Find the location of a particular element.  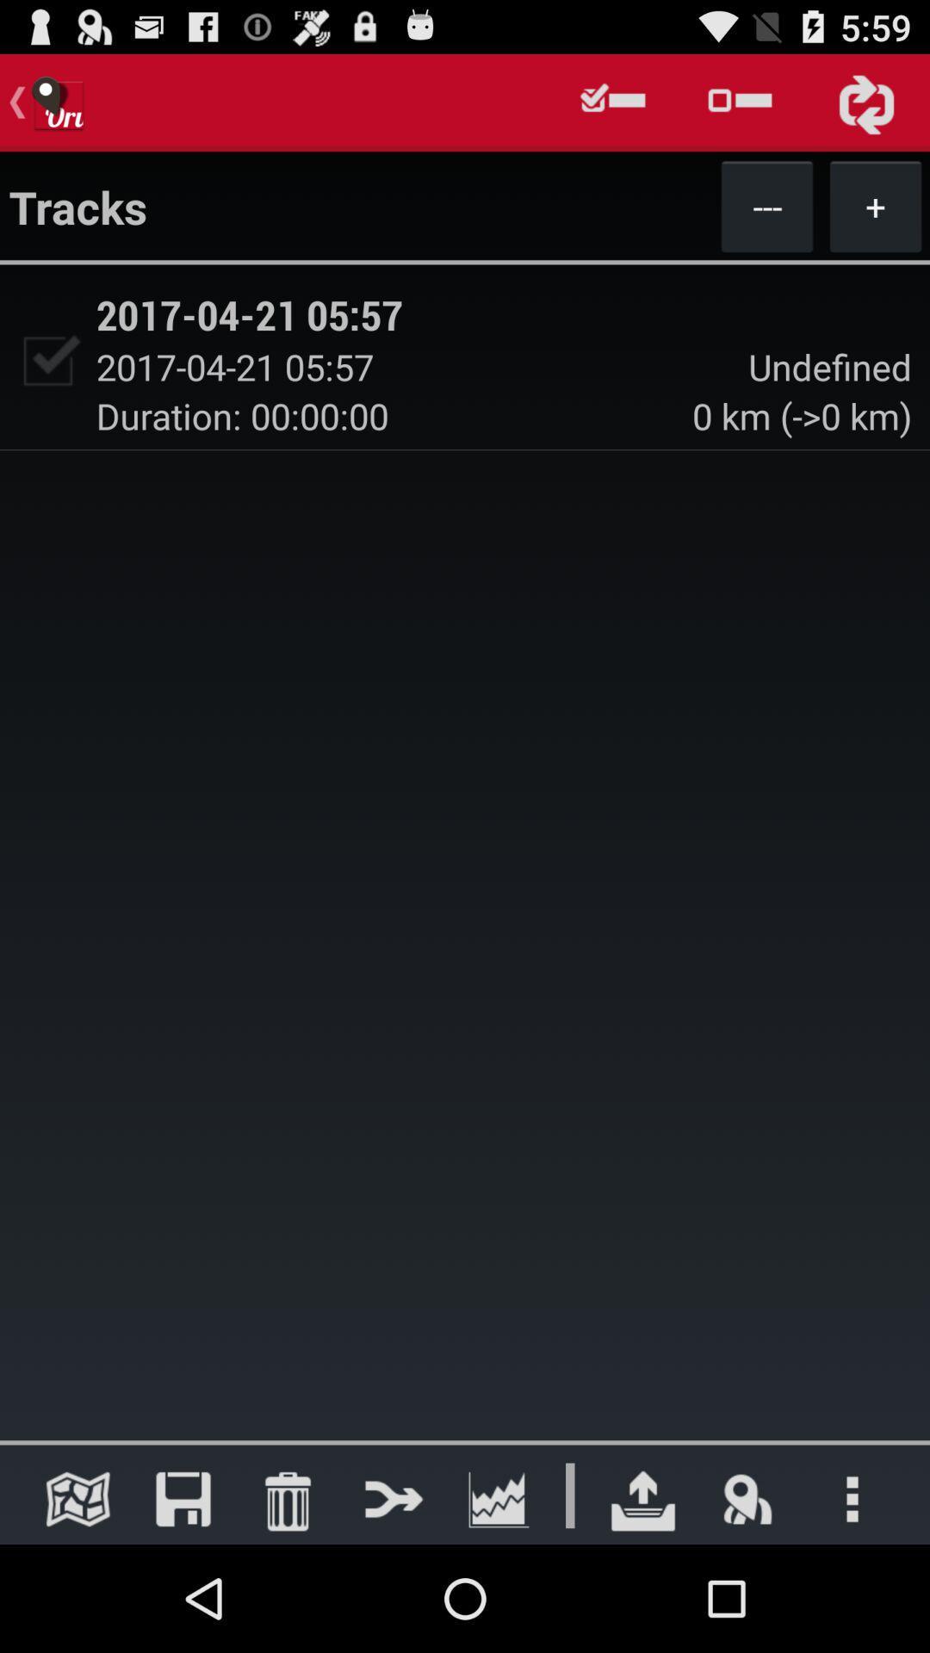

the --- icon is located at coordinates (766, 206).